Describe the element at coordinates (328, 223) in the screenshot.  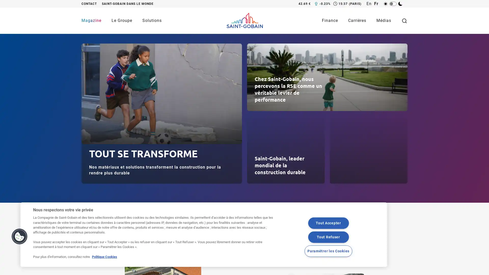
I see `Tout Accepter` at that location.